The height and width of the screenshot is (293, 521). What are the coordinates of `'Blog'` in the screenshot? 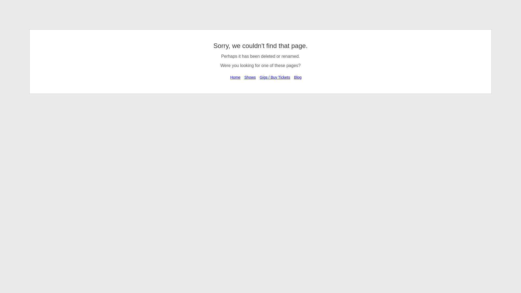 It's located at (297, 77).